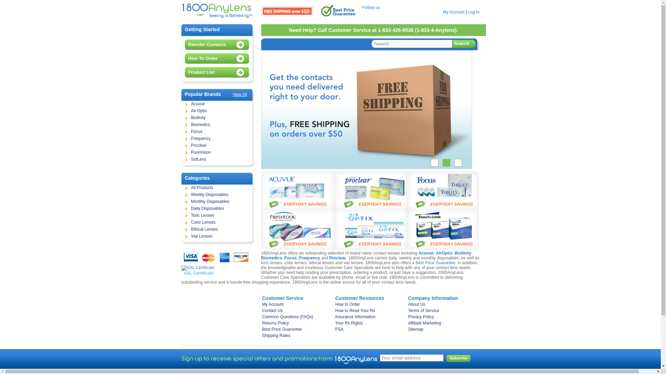  I want to click on 'Focus', so click(290, 258).